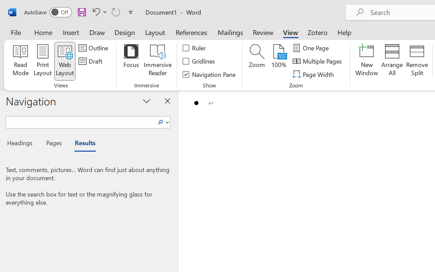 Image resolution: width=435 pixels, height=272 pixels. I want to click on 'Pages', so click(53, 144).